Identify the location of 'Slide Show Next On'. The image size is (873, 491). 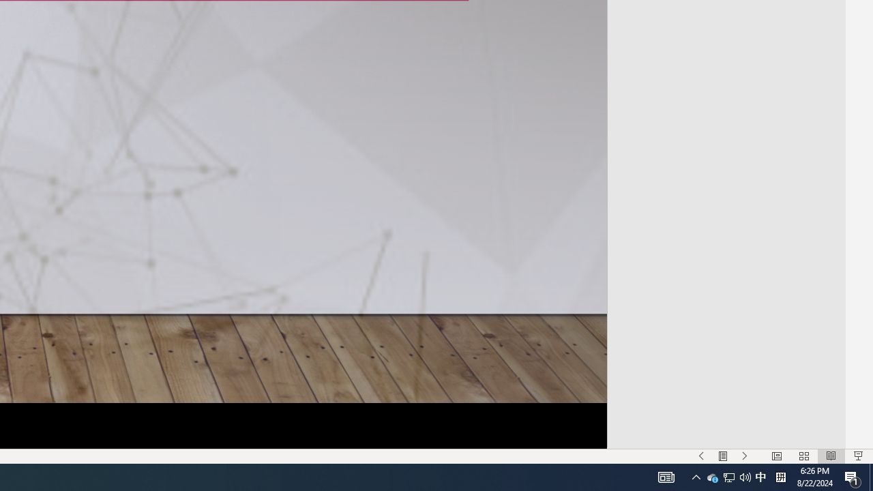
(744, 456).